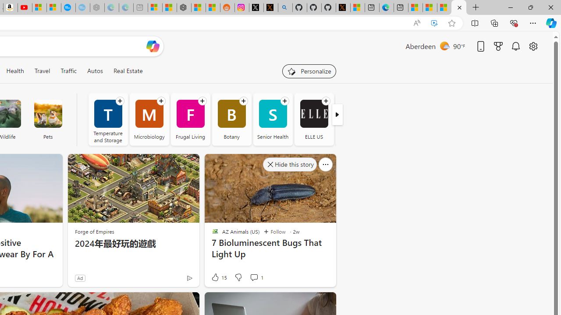 The image size is (561, 315). Describe the element at coordinates (285, 7) in the screenshot. I see `'github - Search'` at that location.